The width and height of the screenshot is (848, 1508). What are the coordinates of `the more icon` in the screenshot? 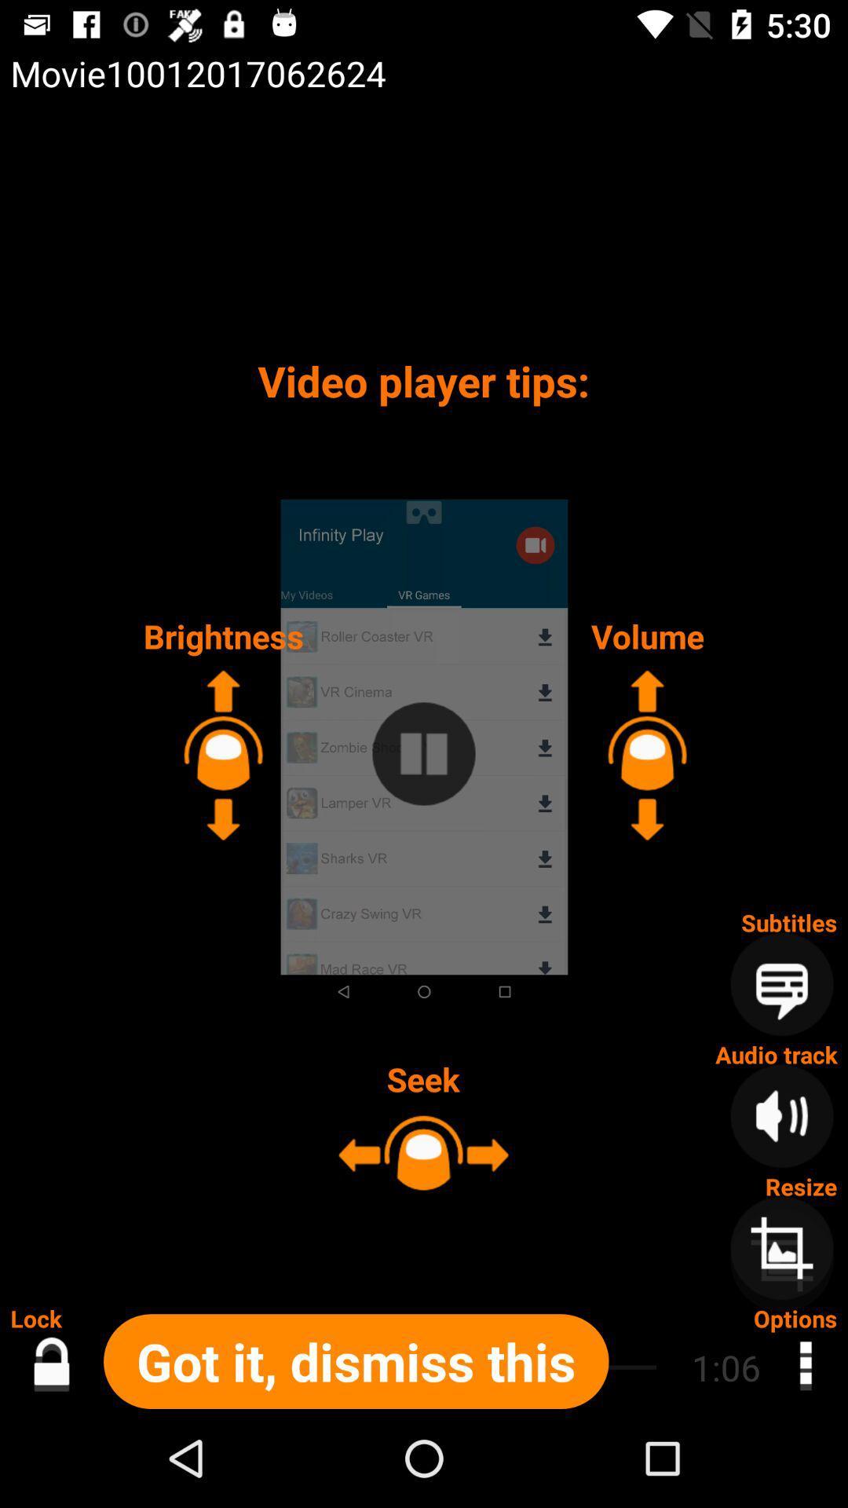 It's located at (804, 1360).